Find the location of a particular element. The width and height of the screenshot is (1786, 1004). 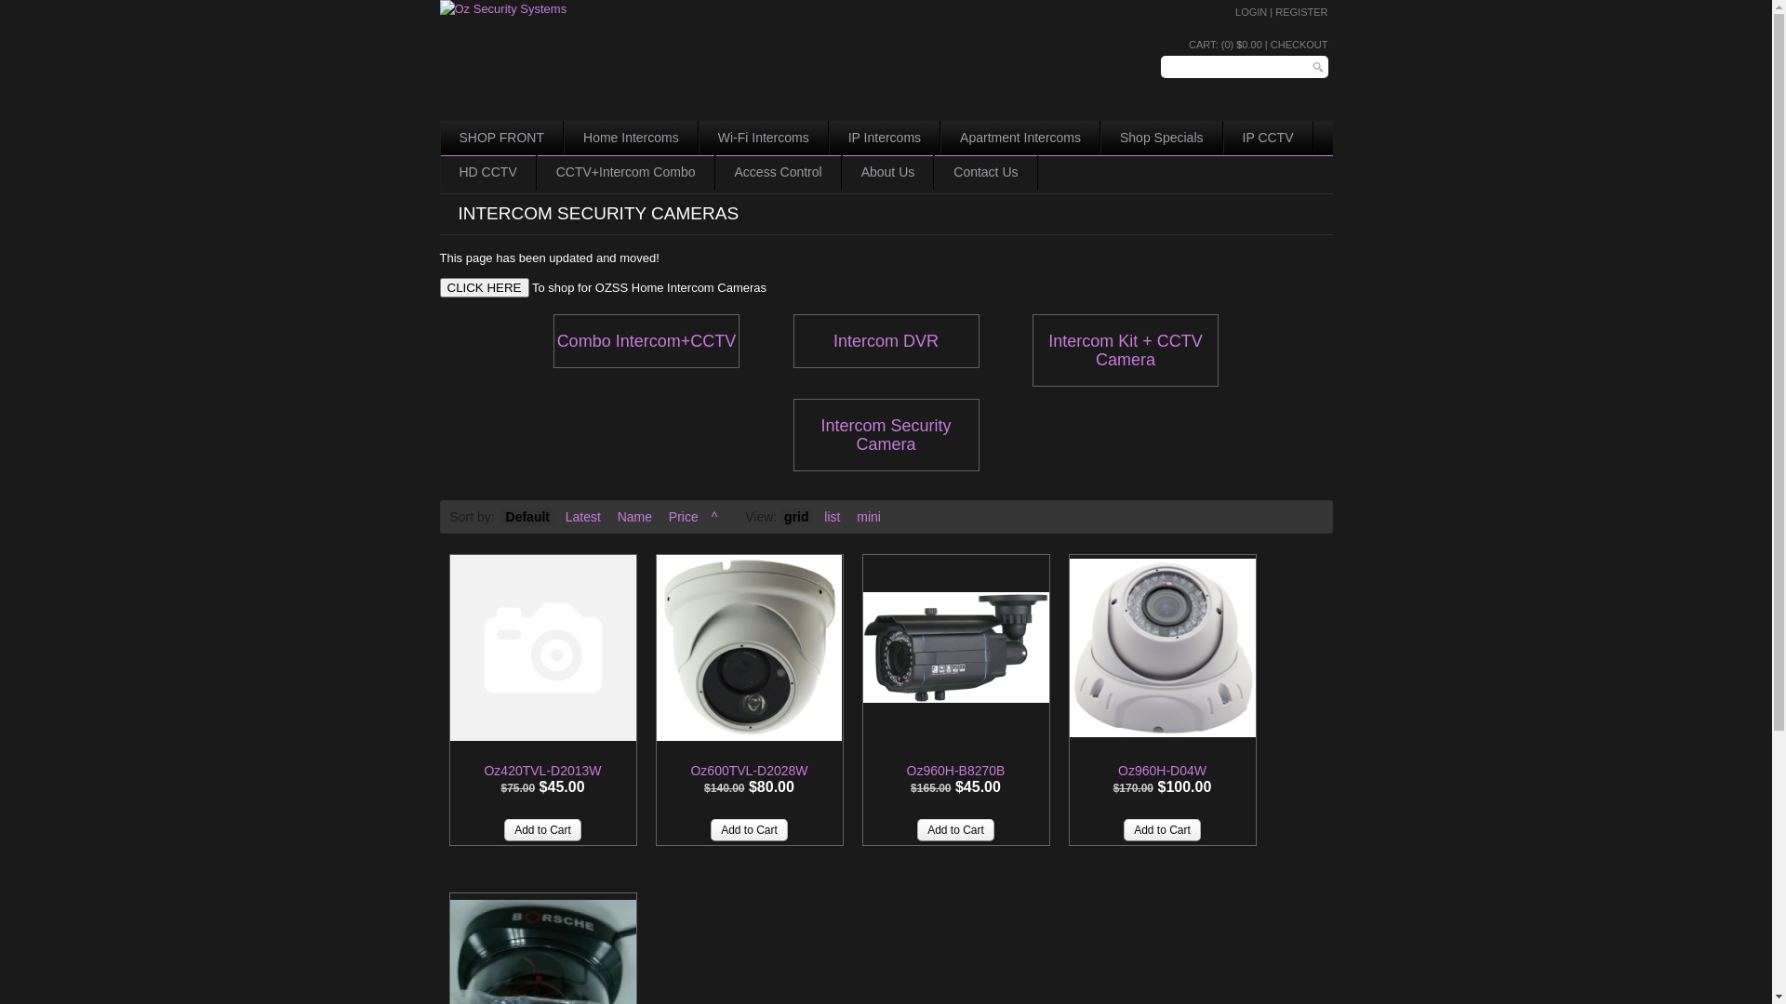

'Contact Us' is located at coordinates (984, 172).